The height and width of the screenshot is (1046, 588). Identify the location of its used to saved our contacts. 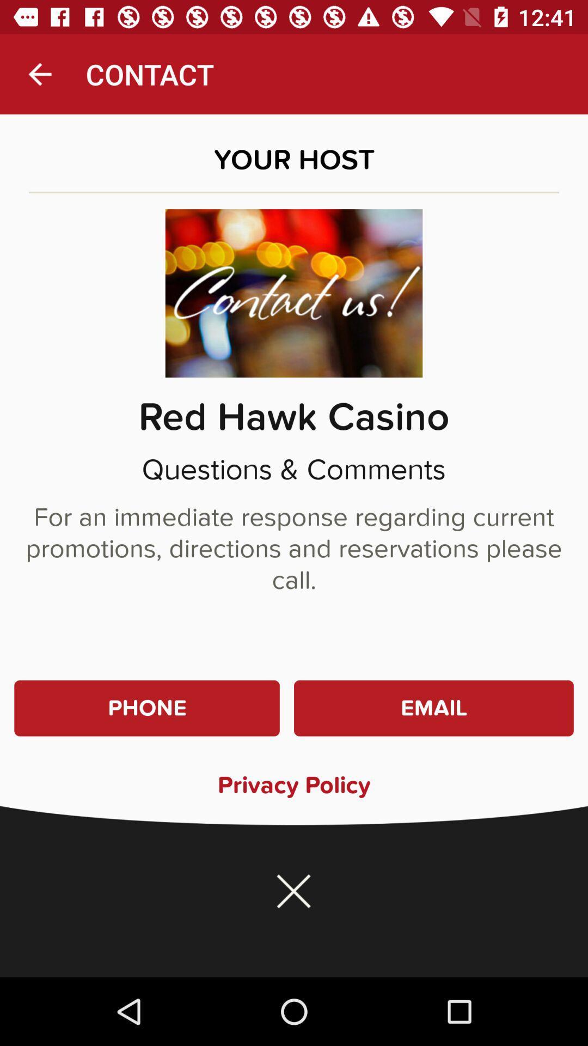
(294, 891).